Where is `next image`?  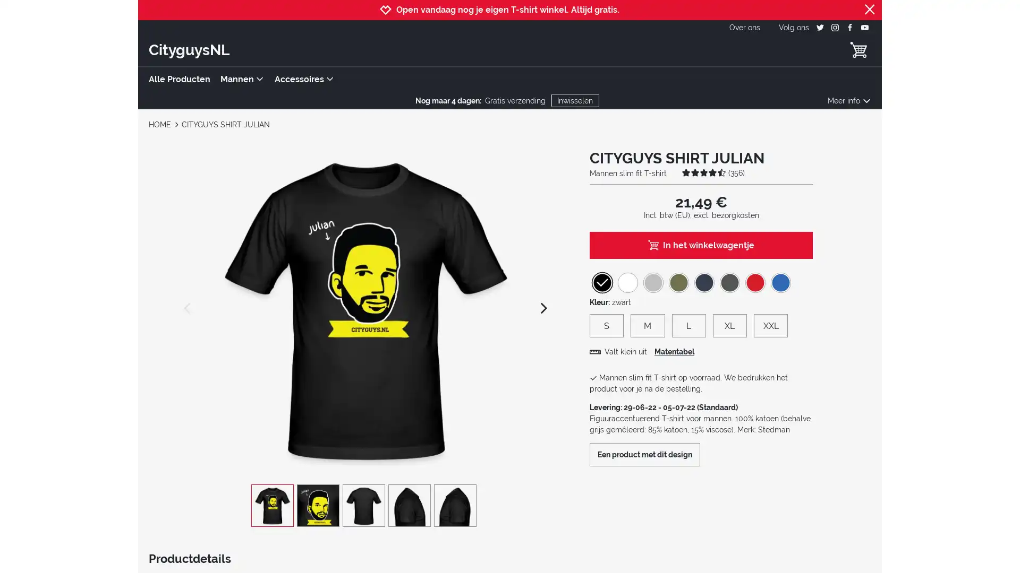 next image is located at coordinates (543, 307).